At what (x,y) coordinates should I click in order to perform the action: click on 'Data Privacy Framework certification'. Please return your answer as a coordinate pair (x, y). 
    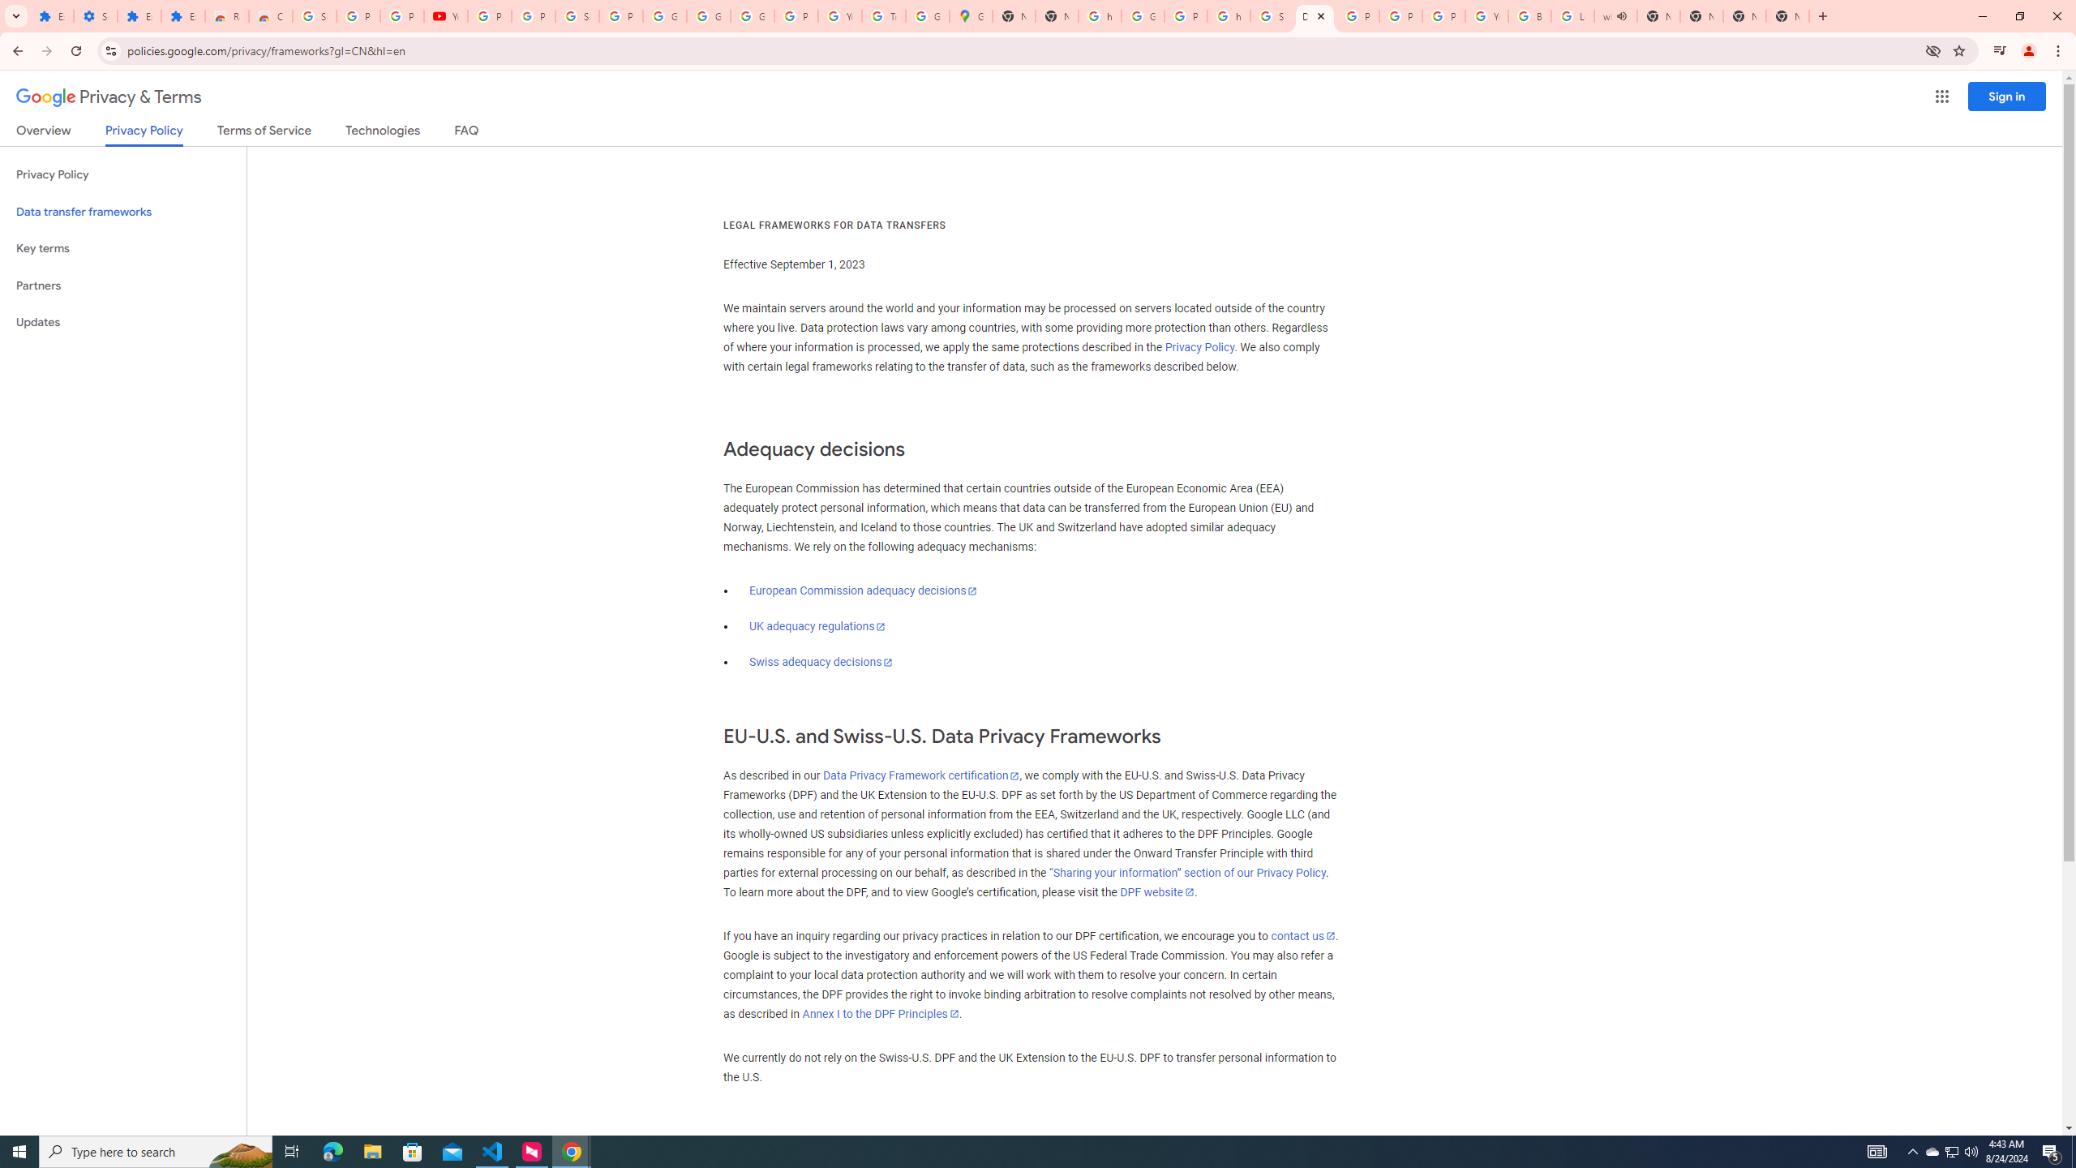
    Looking at the image, I should click on (920, 775).